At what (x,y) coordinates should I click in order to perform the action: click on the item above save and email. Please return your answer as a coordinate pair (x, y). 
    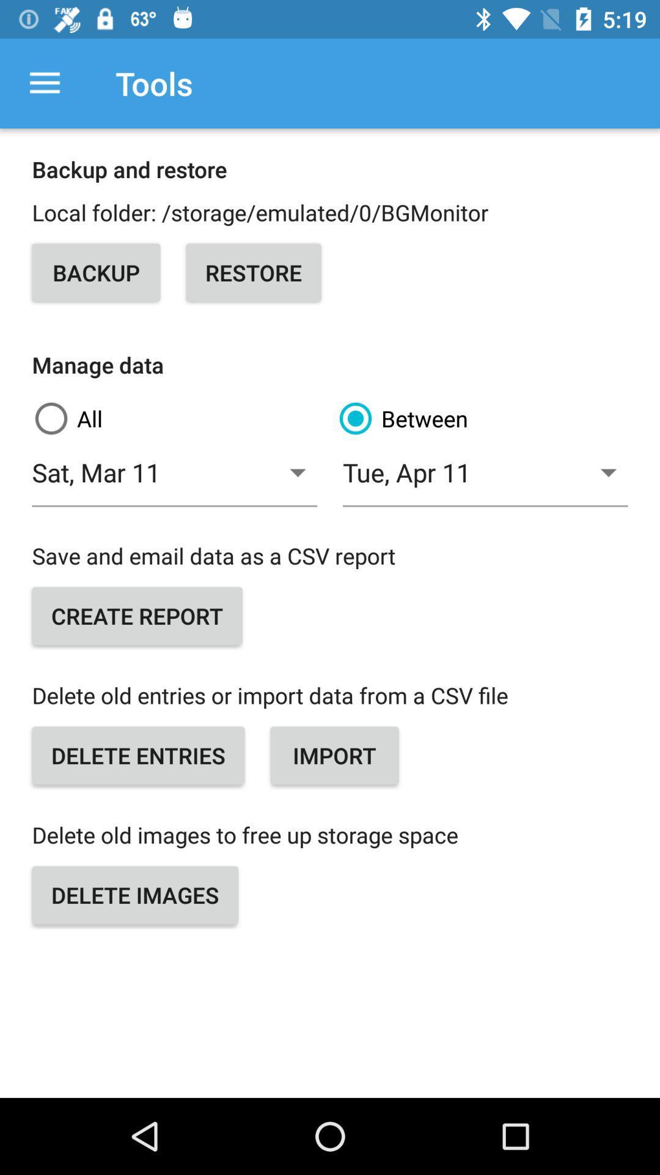
    Looking at the image, I should click on (485, 479).